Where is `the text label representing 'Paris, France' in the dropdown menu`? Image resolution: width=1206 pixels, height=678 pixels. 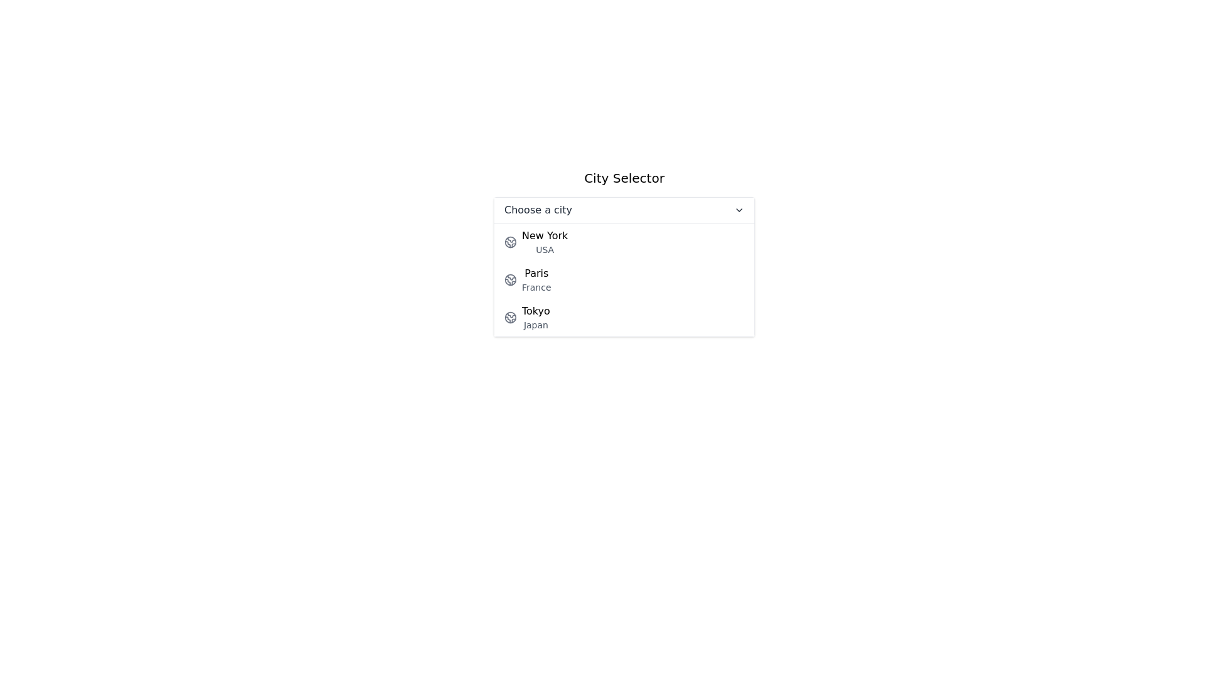
the text label representing 'Paris, France' in the dropdown menu is located at coordinates (536, 279).